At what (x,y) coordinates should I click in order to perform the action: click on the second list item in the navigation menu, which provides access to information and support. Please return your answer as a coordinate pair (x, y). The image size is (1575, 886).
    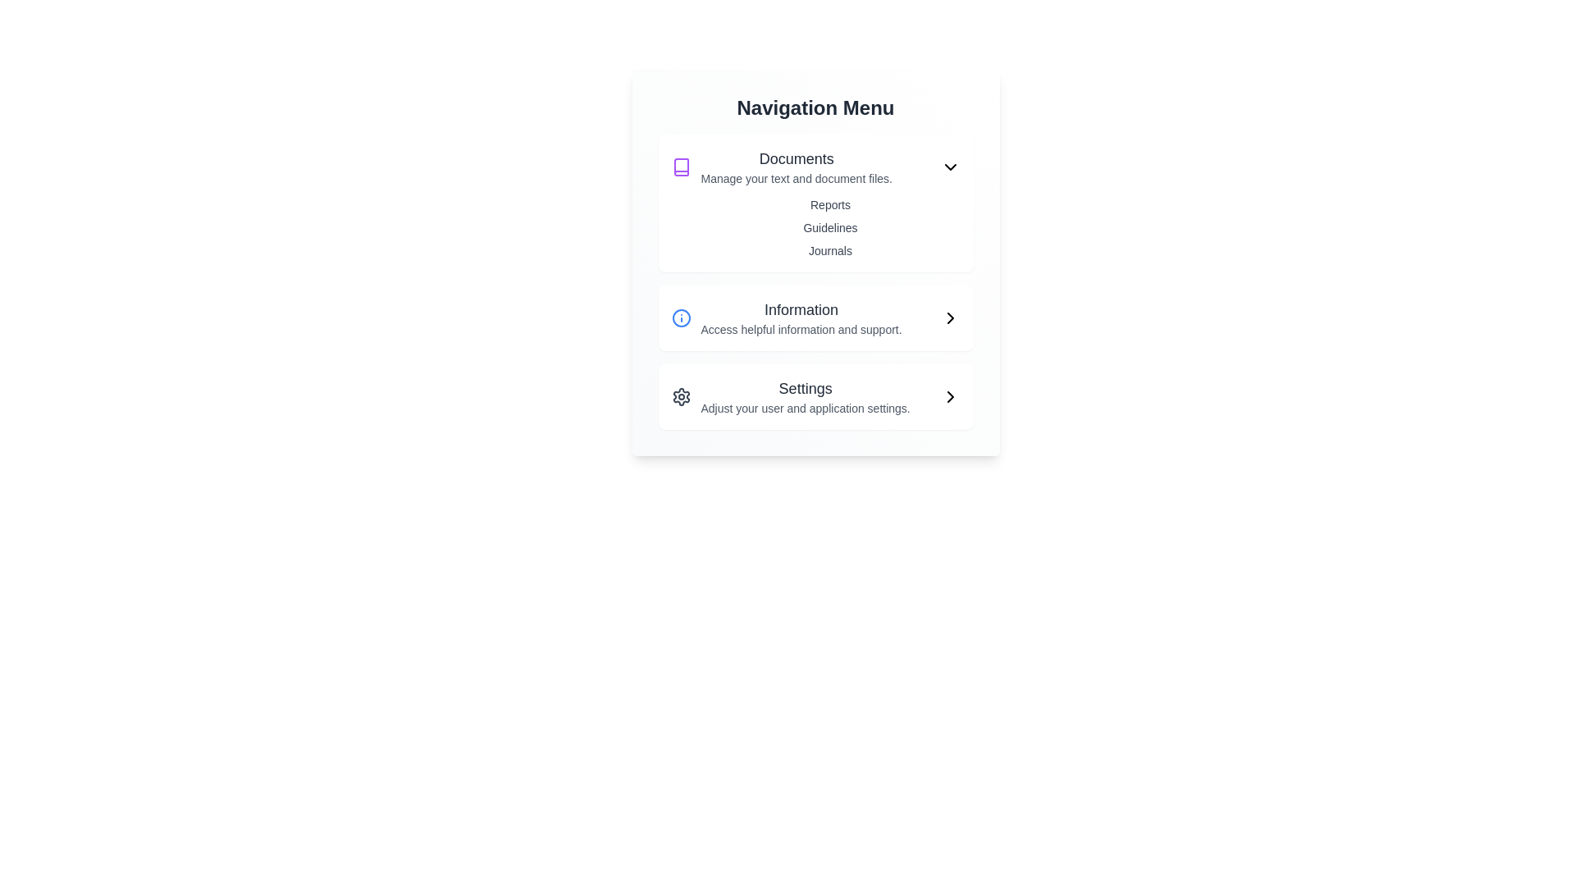
    Looking at the image, I should click on (786, 318).